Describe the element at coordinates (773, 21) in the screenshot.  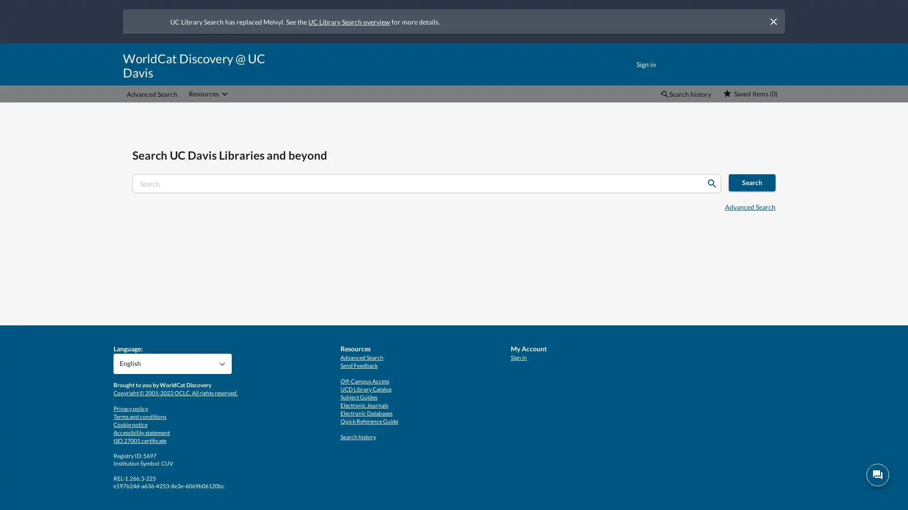
I see `Dismiss` at that location.